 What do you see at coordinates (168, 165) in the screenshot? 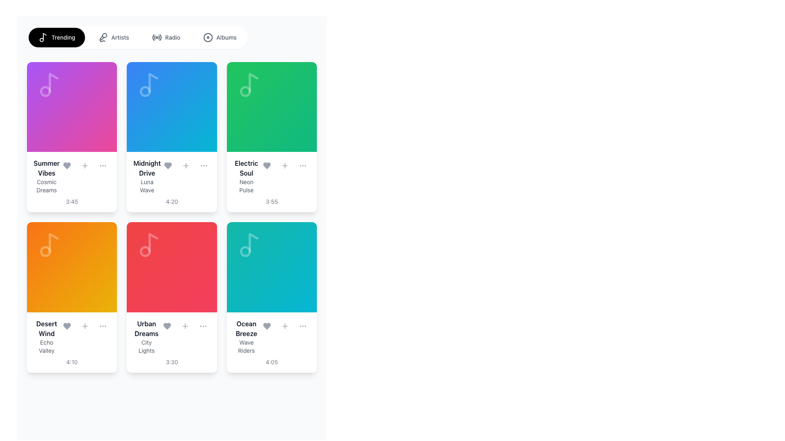
I see `the heart icon button located in the second card of the first row in the grid layout` at bounding box center [168, 165].